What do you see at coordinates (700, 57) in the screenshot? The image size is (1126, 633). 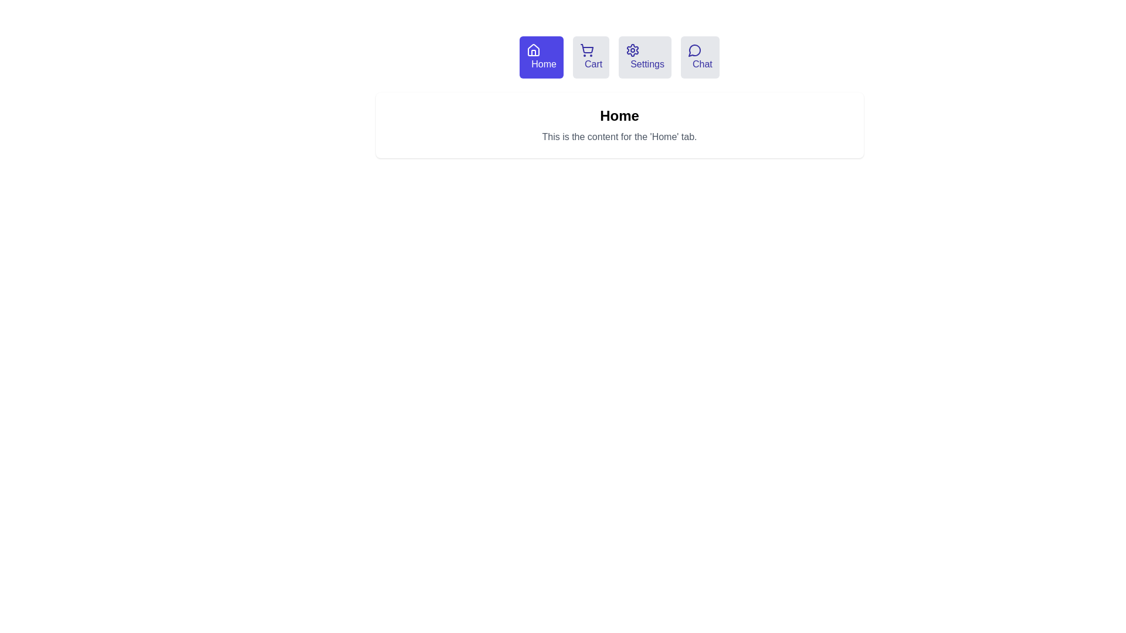 I see `the tab labeled Chat` at bounding box center [700, 57].